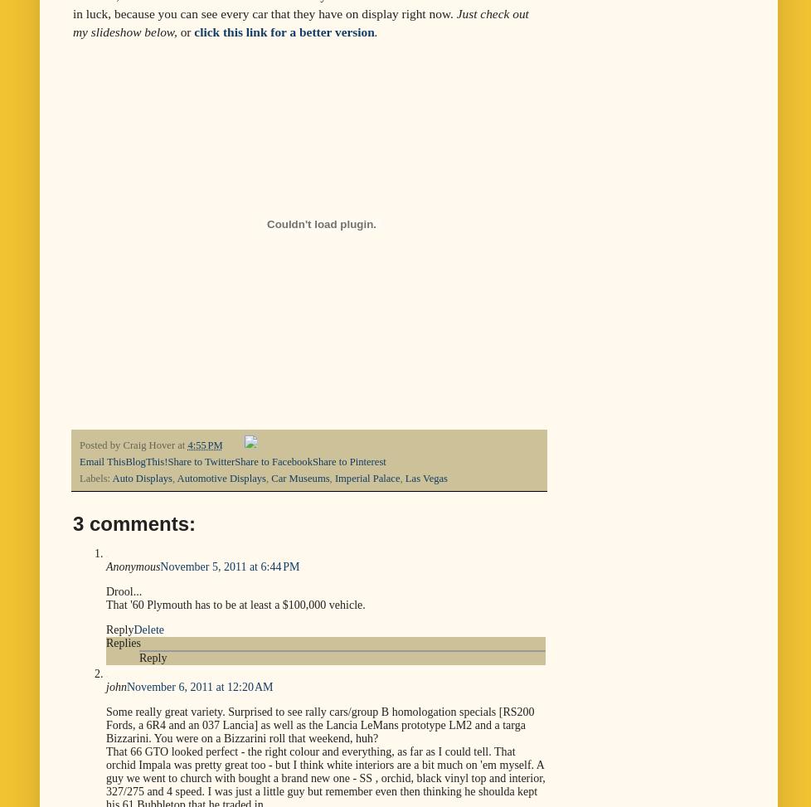 Image resolution: width=811 pixels, height=807 pixels. Describe the element at coordinates (375, 31) in the screenshot. I see `'.'` at that location.